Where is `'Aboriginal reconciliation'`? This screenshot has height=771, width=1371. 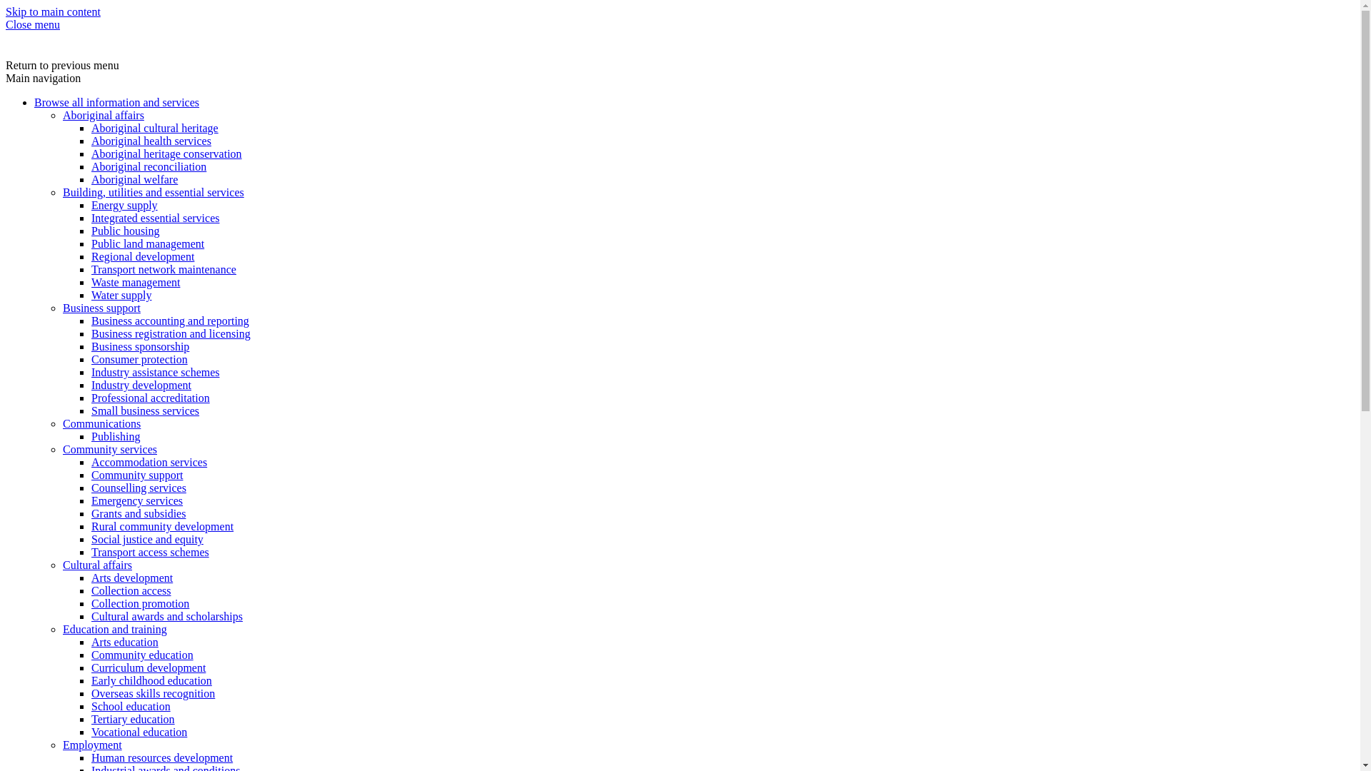
'Aboriginal reconciliation' is located at coordinates (149, 166).